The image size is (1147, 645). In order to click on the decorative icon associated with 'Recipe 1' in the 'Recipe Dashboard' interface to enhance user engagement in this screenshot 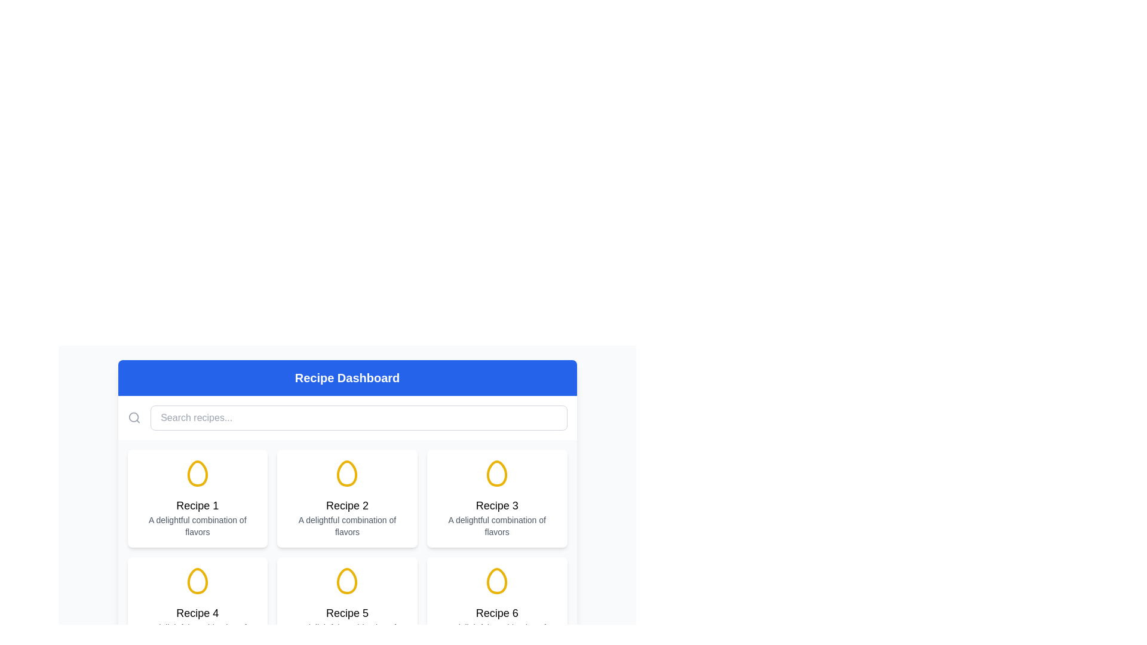, I will do `click(197, 473)`.